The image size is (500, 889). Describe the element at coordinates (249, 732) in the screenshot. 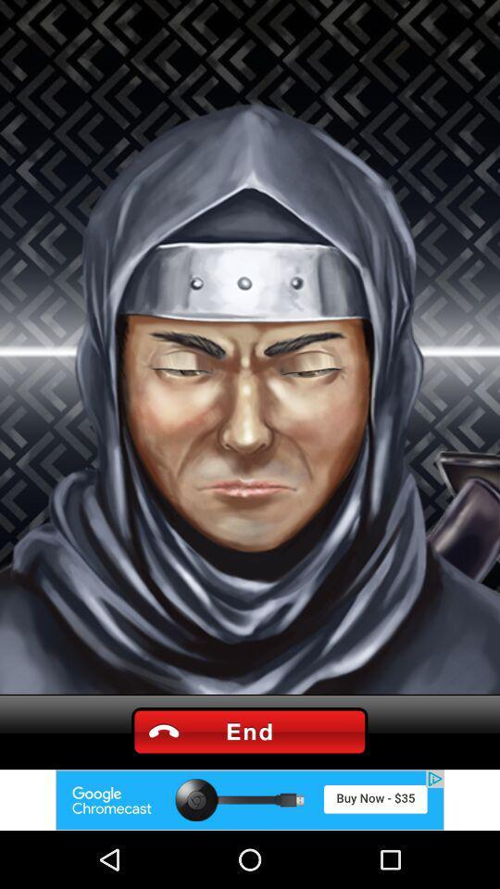

I see `end call` at that location.